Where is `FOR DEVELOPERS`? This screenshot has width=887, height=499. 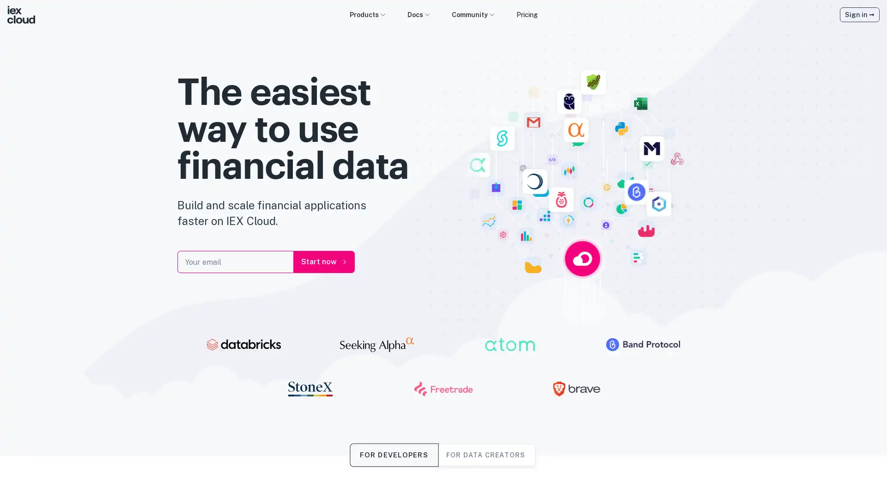 FOR DEVELOPERS is located at coordinates (394, 454).